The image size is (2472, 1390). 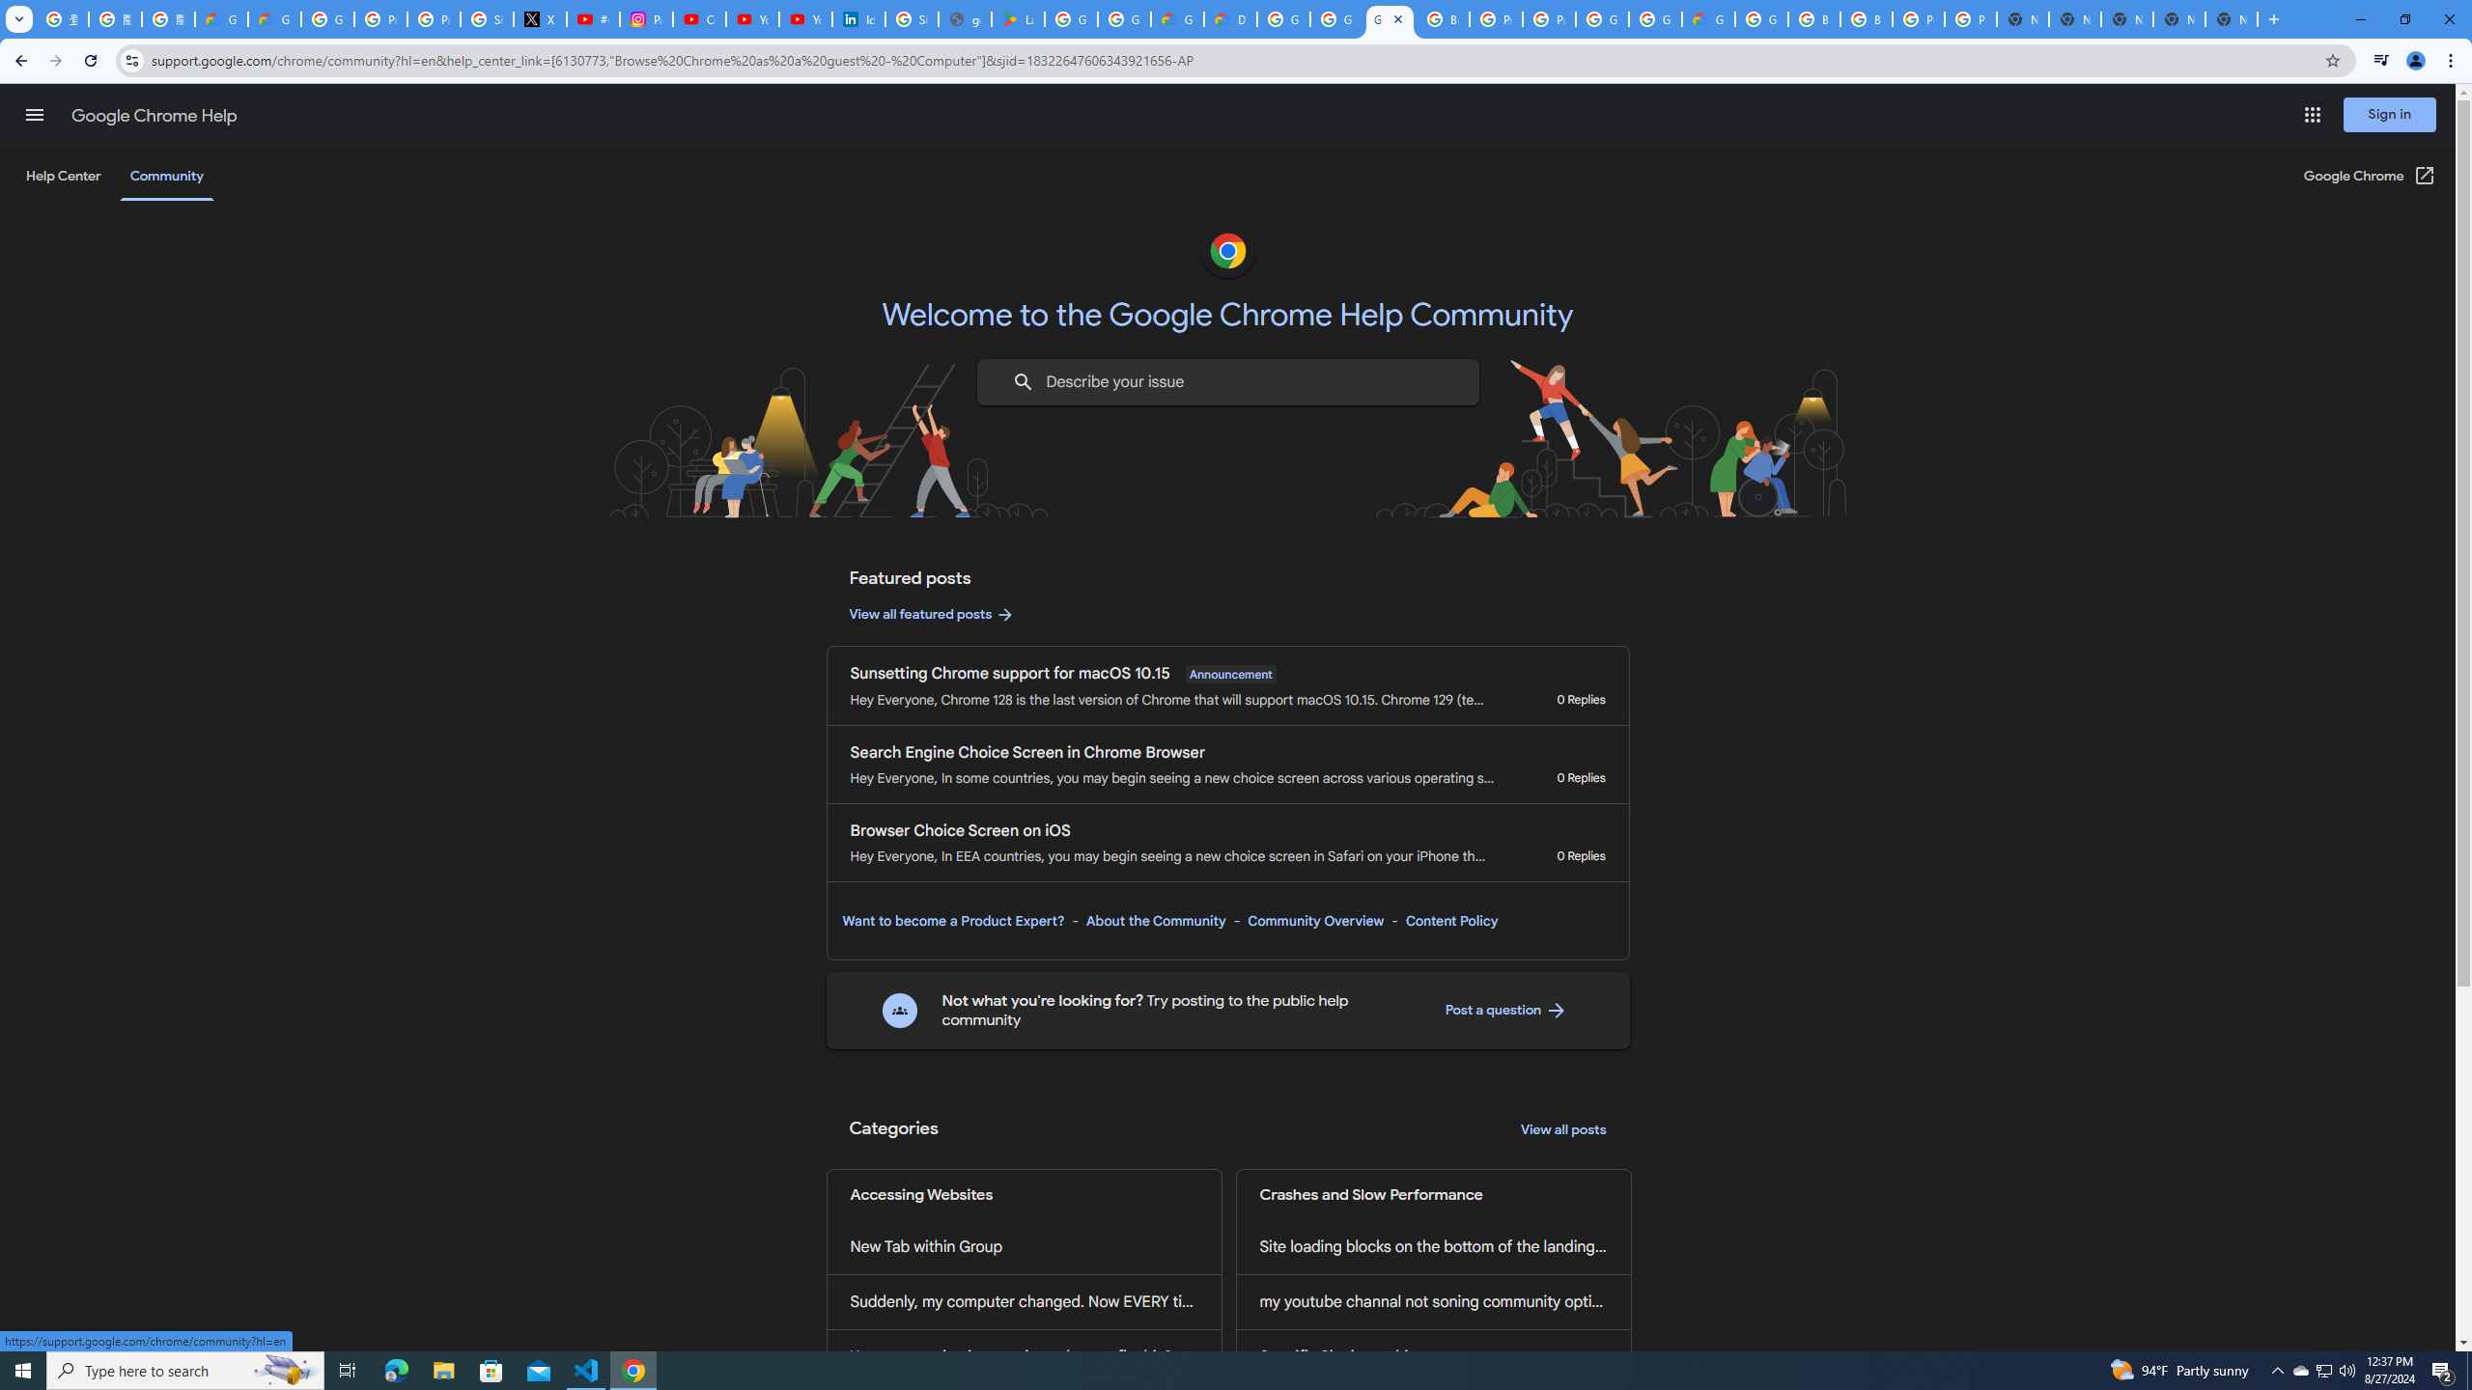 I want to click on 'Minimize', so click(x=2359, y=18).